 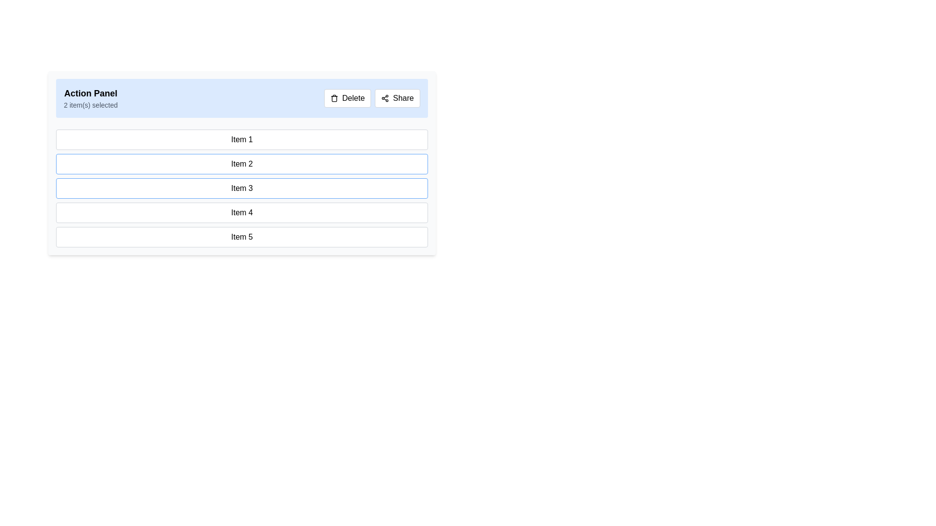 What do you see at coordinates (242, 212) in the screenshot?
I see `the selectable list item labeled 'Item 4'` at bounding box center [242, 212].